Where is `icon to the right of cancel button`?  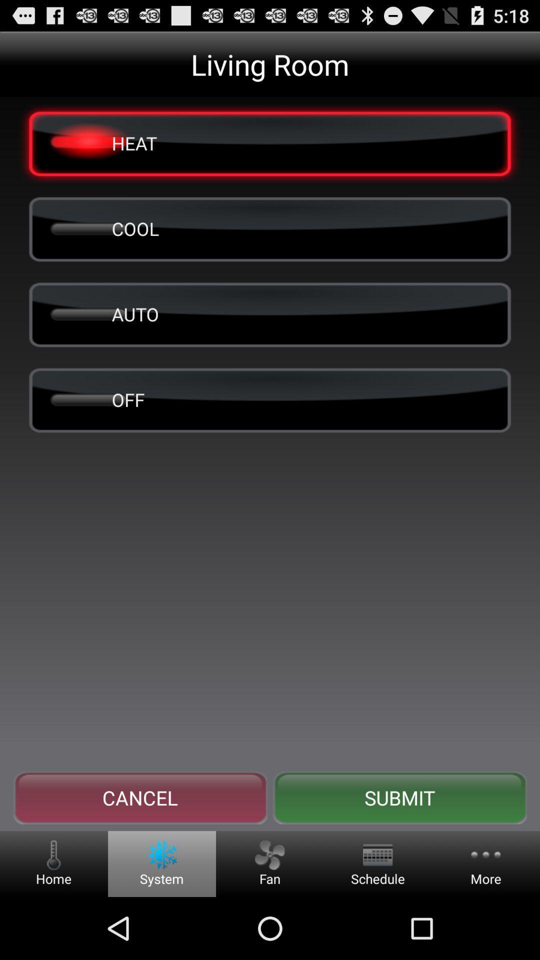 icon to the right of cancel button is located at coordinates (399, 797).